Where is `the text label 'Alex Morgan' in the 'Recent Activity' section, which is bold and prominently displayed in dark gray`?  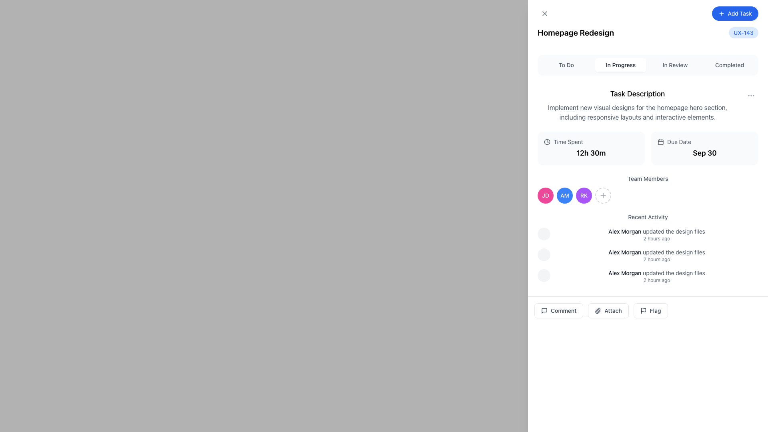 the text label 'Alex Morgan' in the 'Recent Activity' section, which is bold and prominently displayed in dark gray is located at coordinates (624, 231).